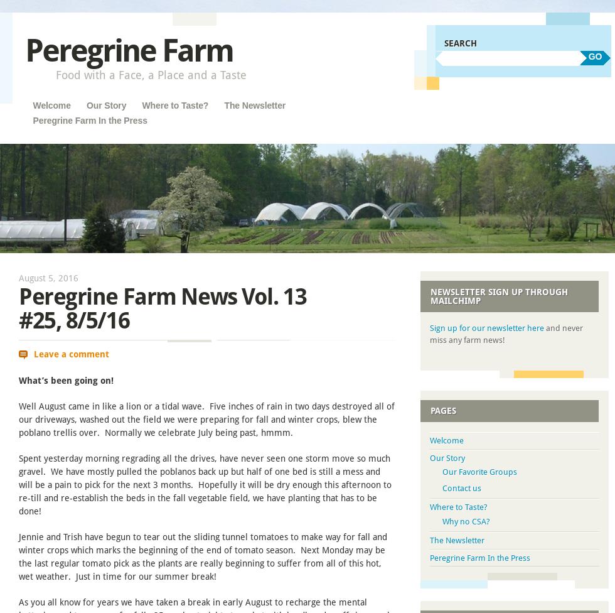 Image resolution: width=615 pixels, height=613 pixels. What do you see at coordinates (70, 353) in the screenshot?
I see `'Leave a comment'` at bounding box center [70, 353].